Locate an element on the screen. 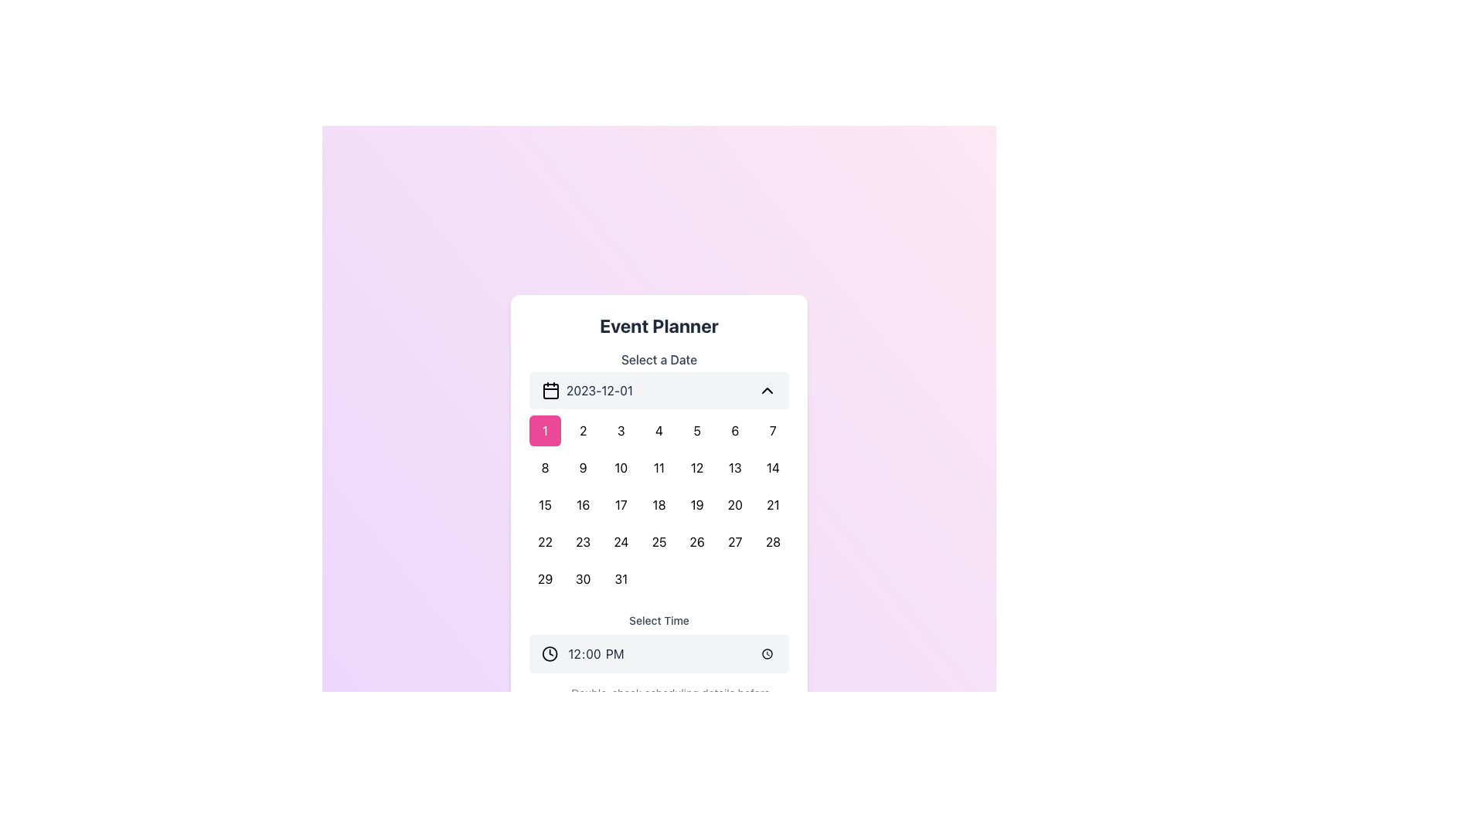 This screenshot has width=1484, height=834. the button representing the 25th day of the month in the calendar to change its background color is located at coordinates (659, 541).